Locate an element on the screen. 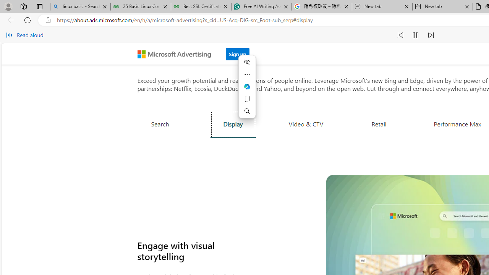 Image resolution: width=489 pixels, height=275 pixels. '25 Basic Linux Commands For Beginners - GeeksforGeeks' is located at coordinates (141, 6).